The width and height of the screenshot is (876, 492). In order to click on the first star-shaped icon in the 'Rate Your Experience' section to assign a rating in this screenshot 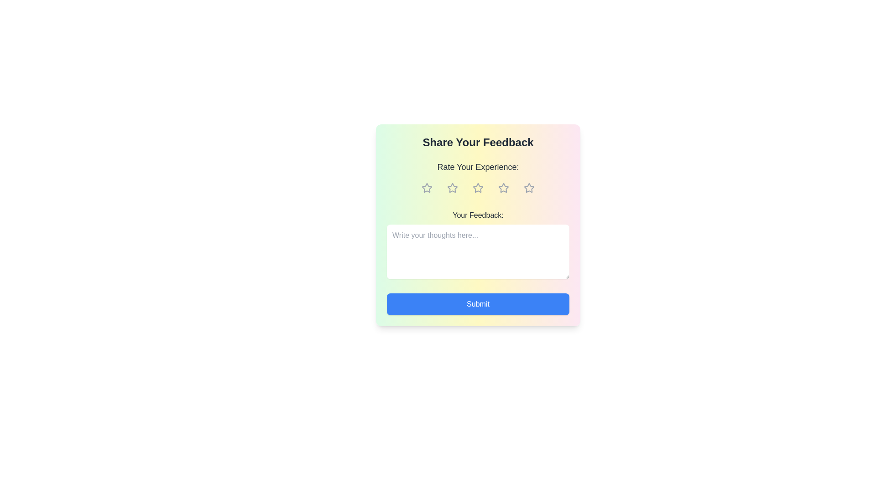, I will do `click(427, 187)`.